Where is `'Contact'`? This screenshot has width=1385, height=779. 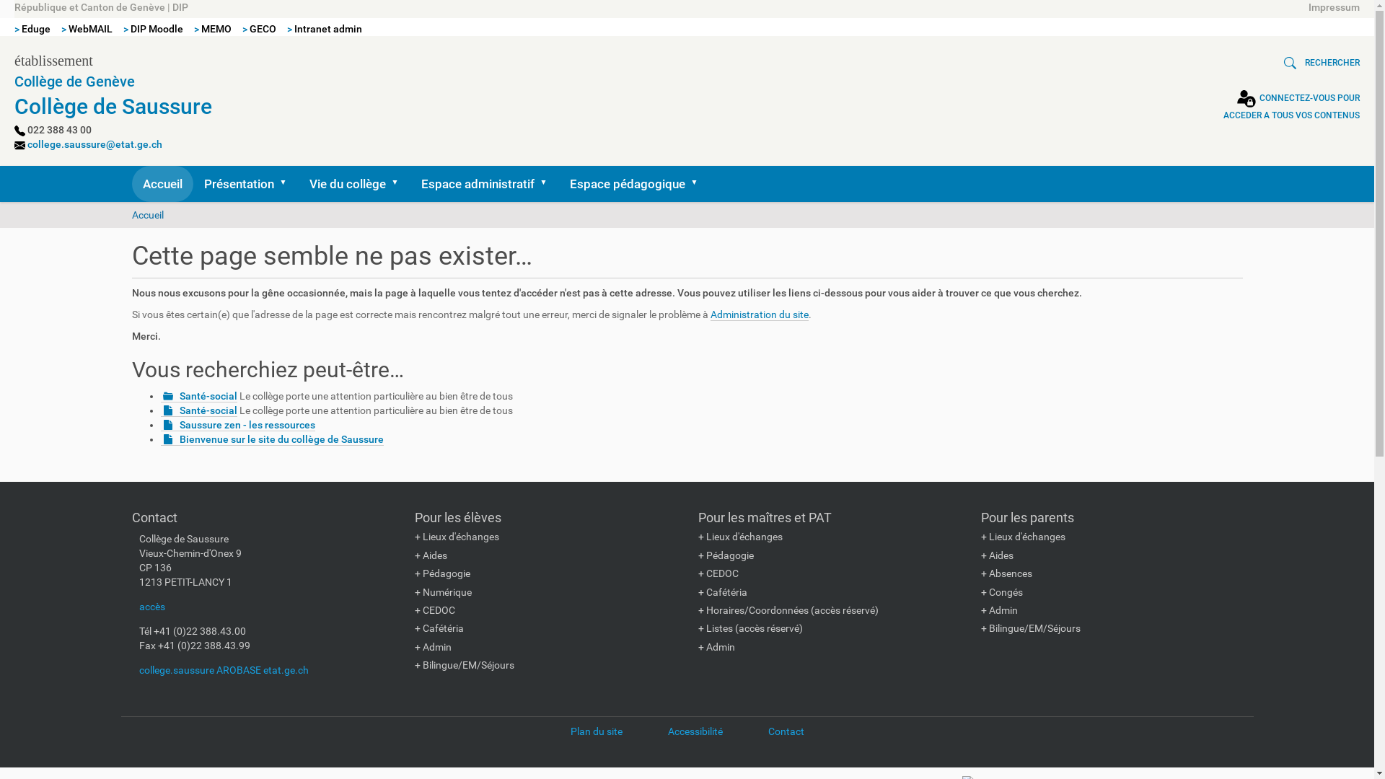
'Contact' is located at coordinates (785, 731).